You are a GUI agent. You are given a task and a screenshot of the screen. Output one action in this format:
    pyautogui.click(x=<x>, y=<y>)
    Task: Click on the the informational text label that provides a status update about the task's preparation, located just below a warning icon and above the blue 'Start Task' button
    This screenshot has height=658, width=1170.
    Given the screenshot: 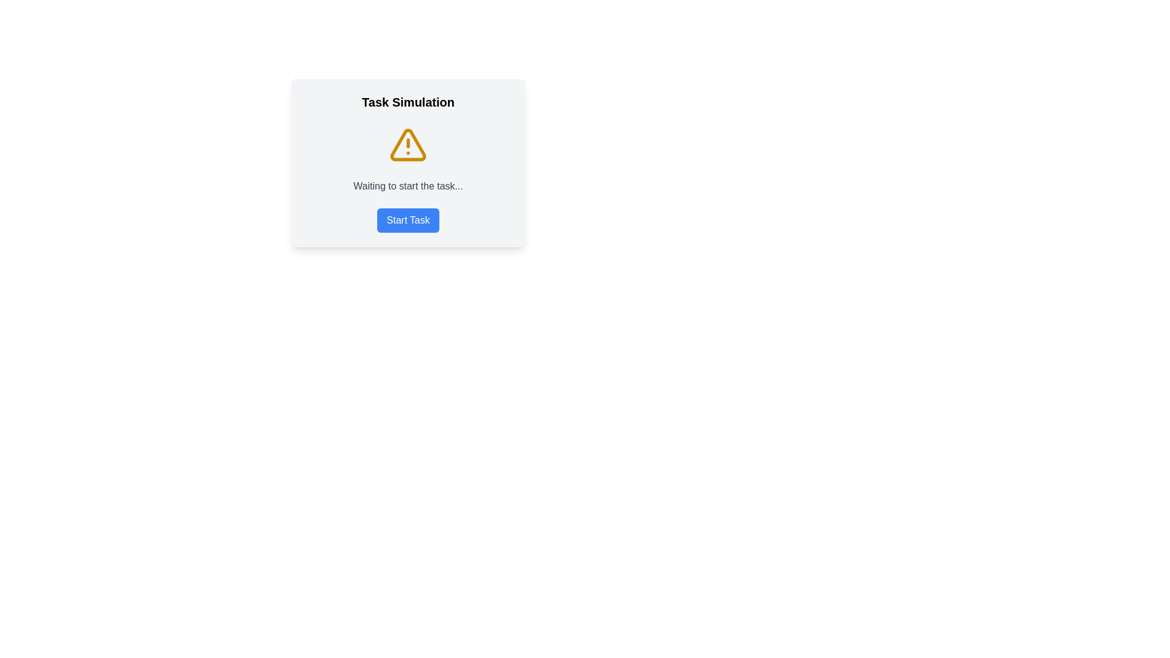 What is the action you would take?
    pyautogui.click(x=408, y=186)
    